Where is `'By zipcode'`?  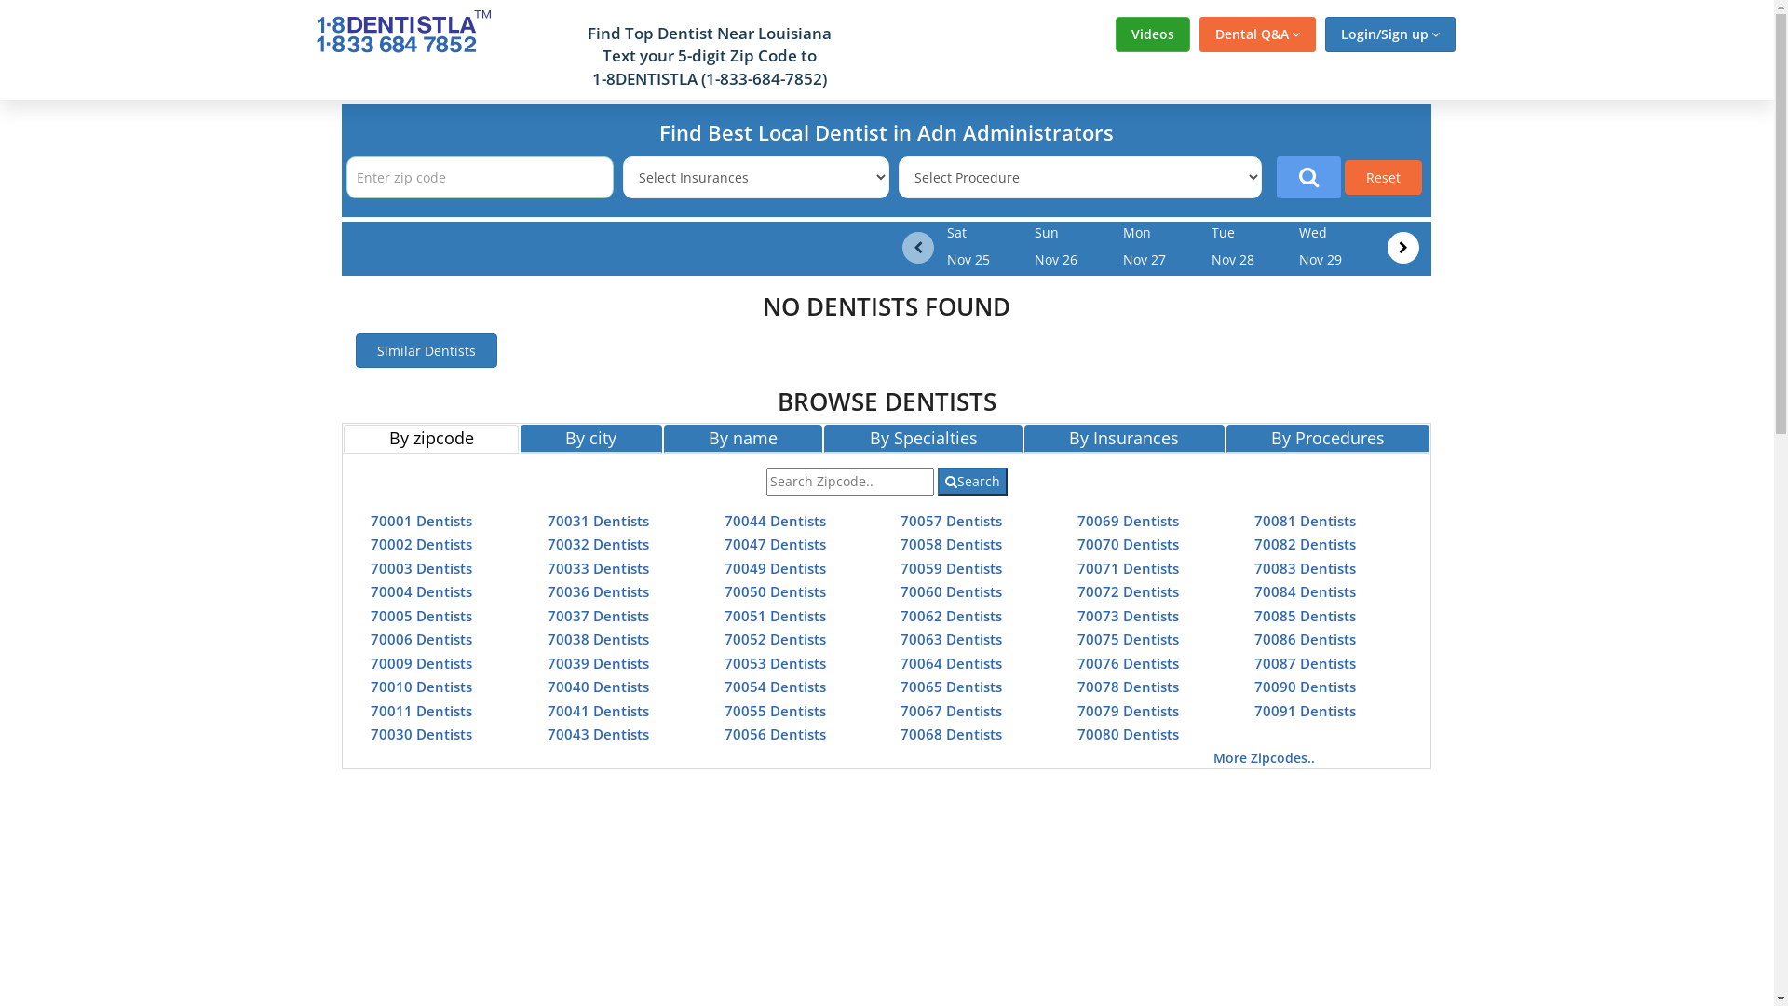
'By zipcode' is located at coordinates (429, 438).